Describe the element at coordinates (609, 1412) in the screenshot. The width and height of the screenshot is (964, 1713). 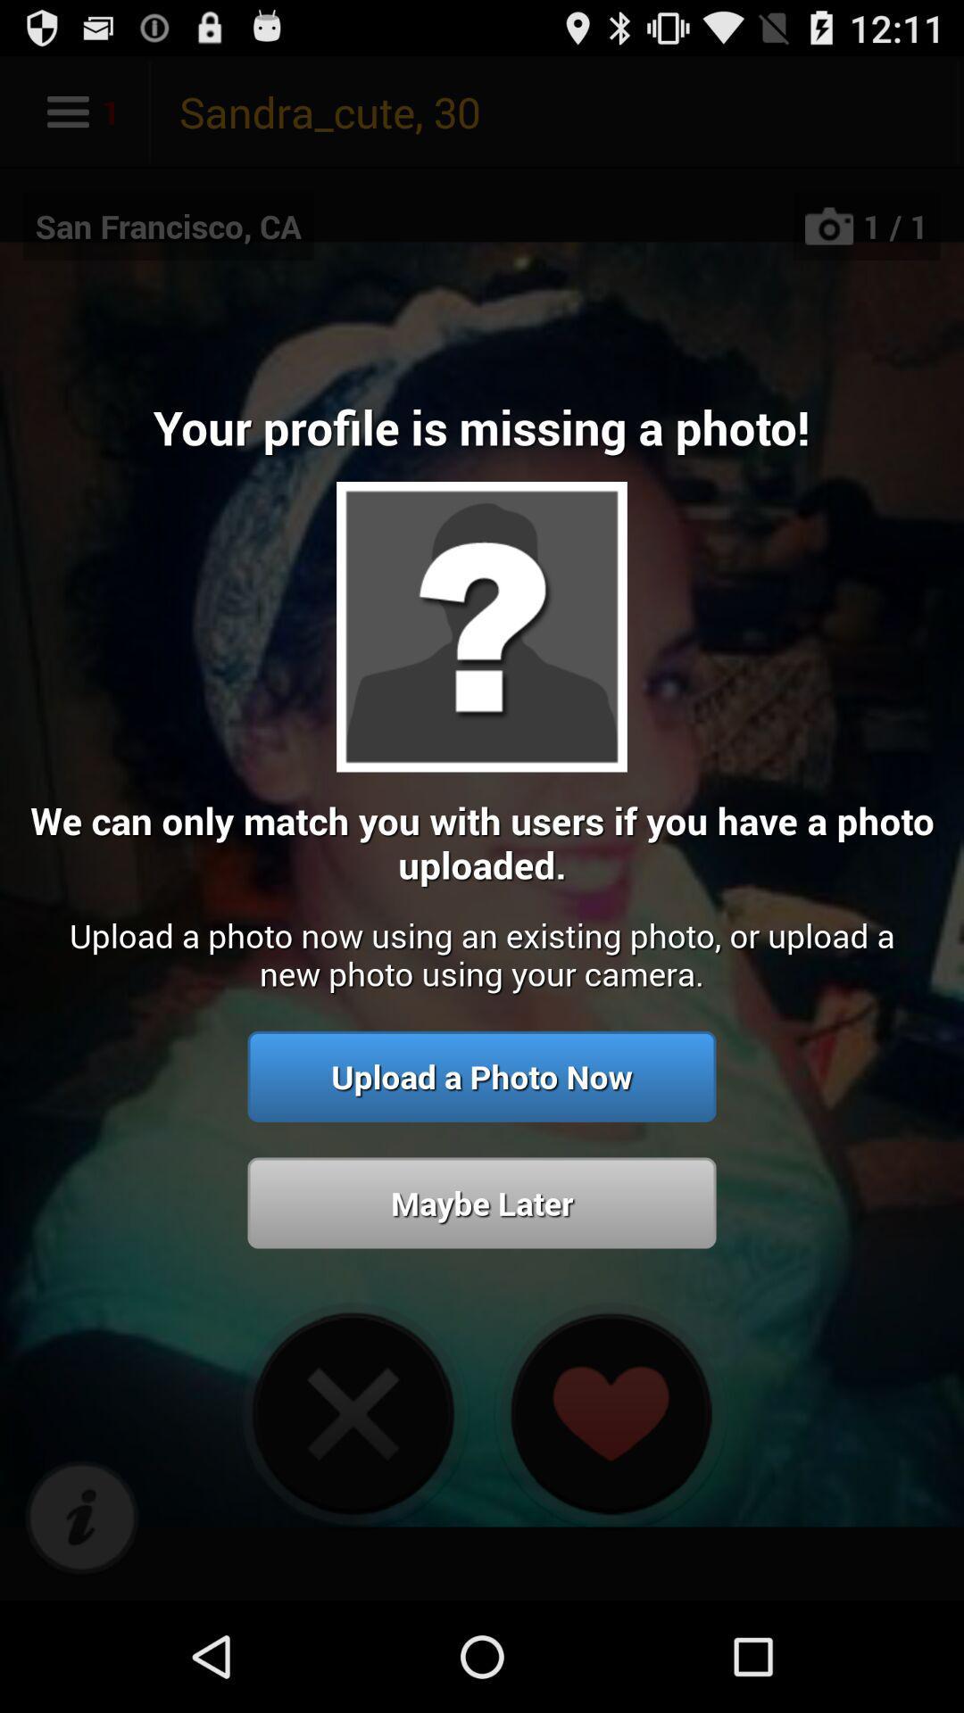
I see `heart icon` at that location.